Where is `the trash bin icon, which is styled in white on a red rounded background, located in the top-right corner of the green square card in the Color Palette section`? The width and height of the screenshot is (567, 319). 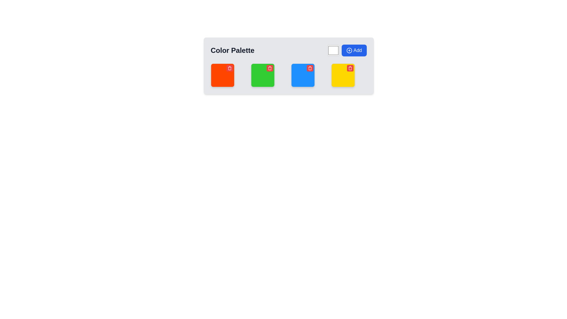
the trash bin icon, which is styled in white on a red rounded background, located in the top-right corner of the green square card in the Color Palette section is located at coordinates (269, 68).